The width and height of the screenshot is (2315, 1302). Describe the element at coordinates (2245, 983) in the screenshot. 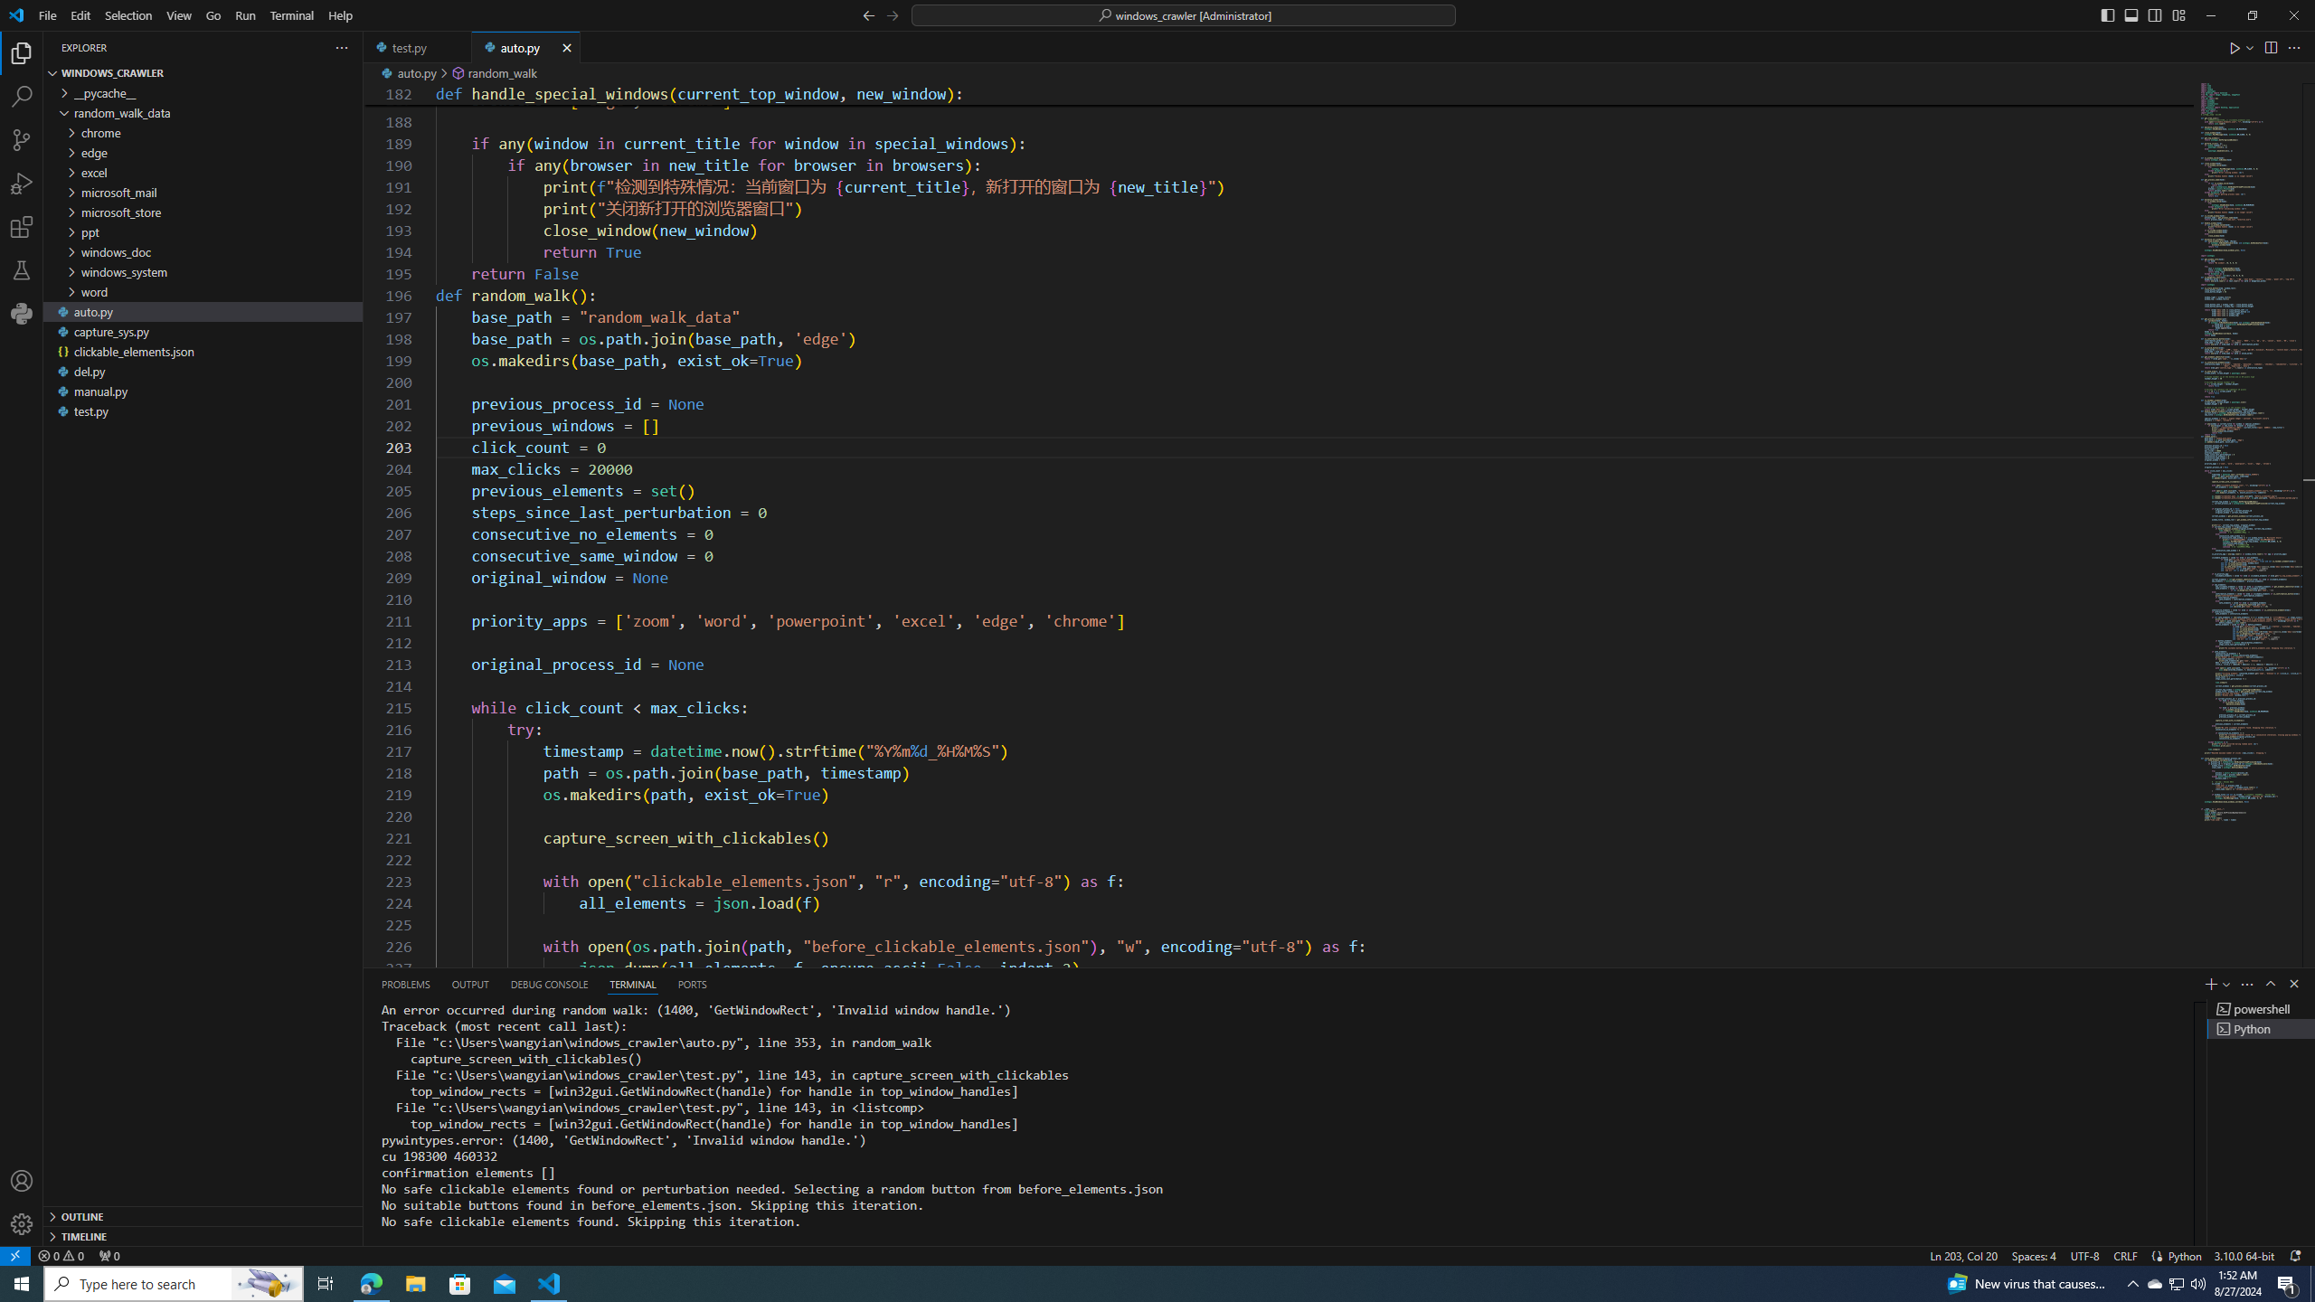

I see `'Views and More Actions...'` at that location.